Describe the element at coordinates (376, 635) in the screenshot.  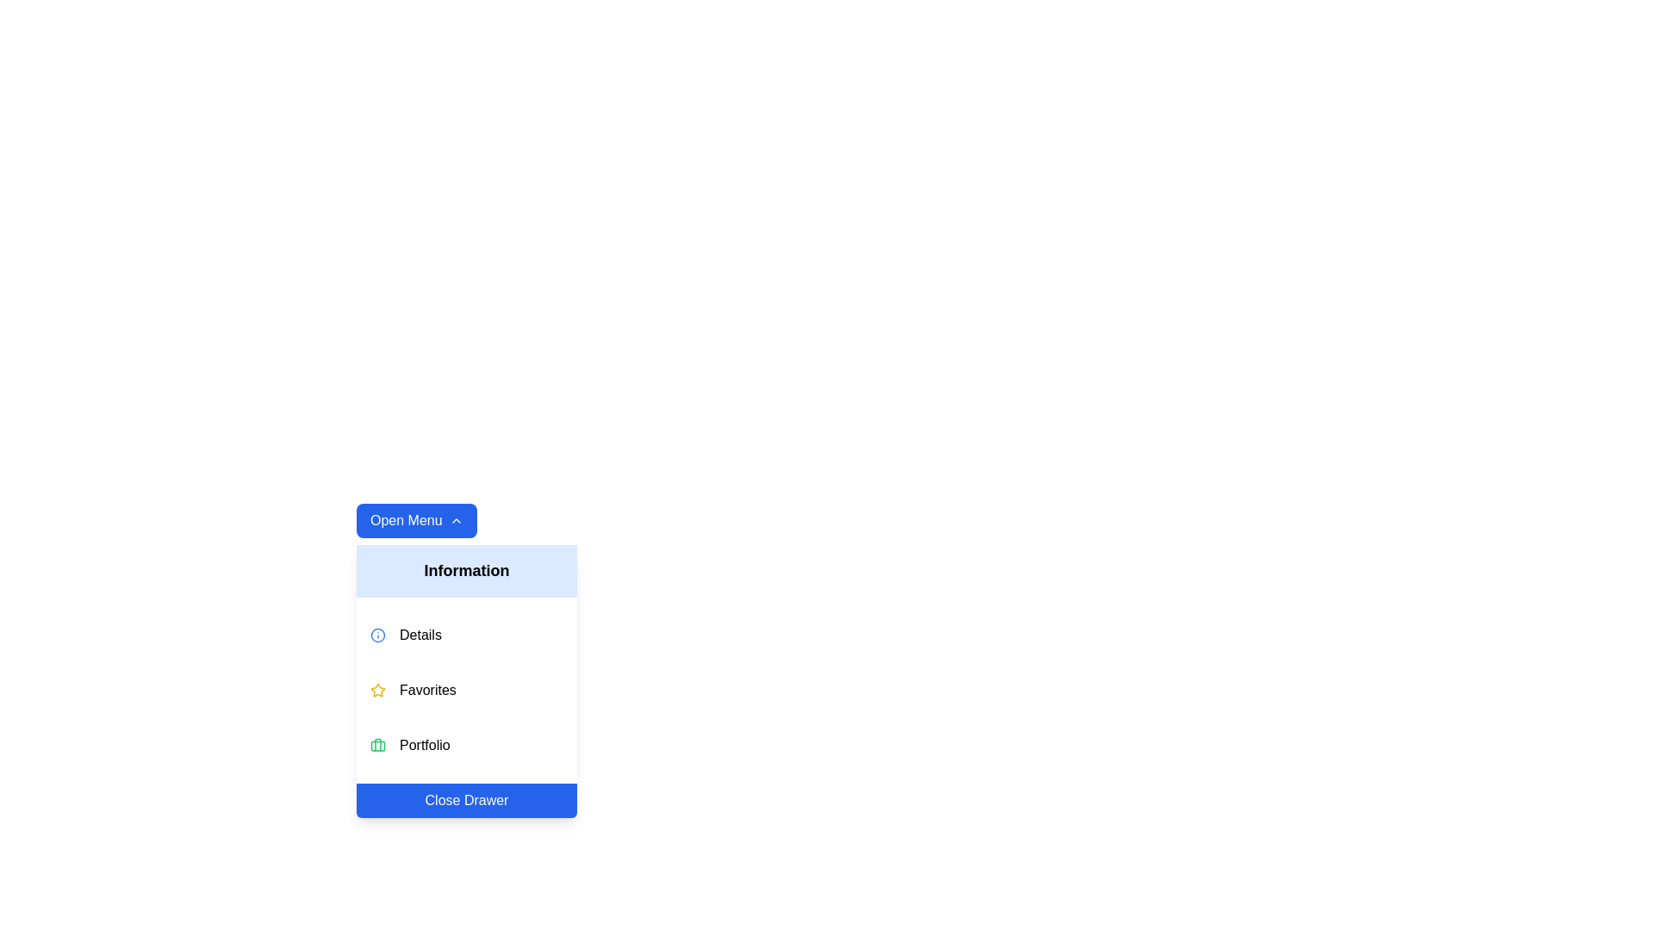
I see `the information icon` at that location.